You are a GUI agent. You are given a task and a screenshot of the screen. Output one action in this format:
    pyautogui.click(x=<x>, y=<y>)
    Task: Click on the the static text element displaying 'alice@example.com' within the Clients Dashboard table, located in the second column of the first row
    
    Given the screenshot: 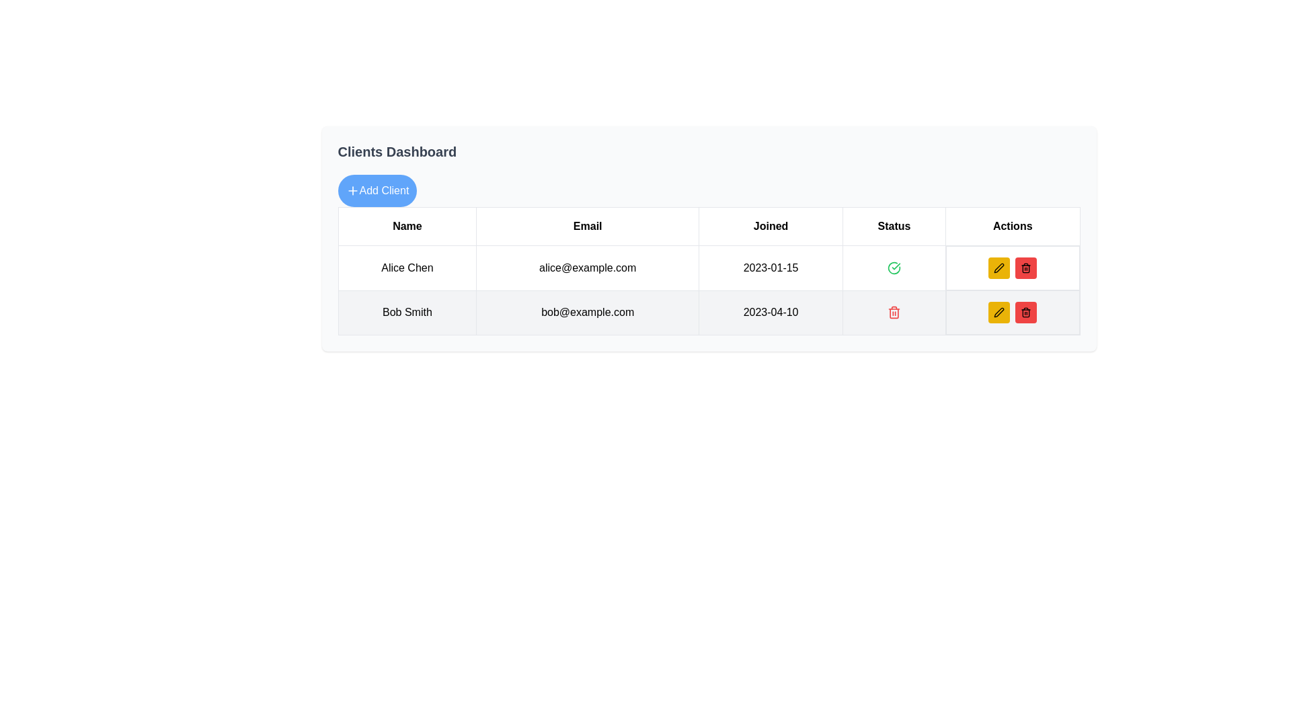 What is the action you would take?
    pyautogui.click(x=588, y=268)
    